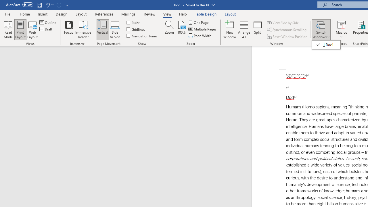 This screenshot has width=368, height=207. What do you see at coordinates (142, 36) in the screenshot?
I see `'Navigation Pane'` at bounding box center [142, 36].